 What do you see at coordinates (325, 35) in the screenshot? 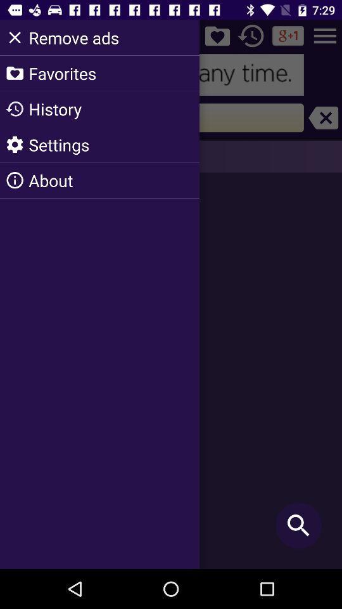
I see `the menu icon` at bounding box center [325, 35].